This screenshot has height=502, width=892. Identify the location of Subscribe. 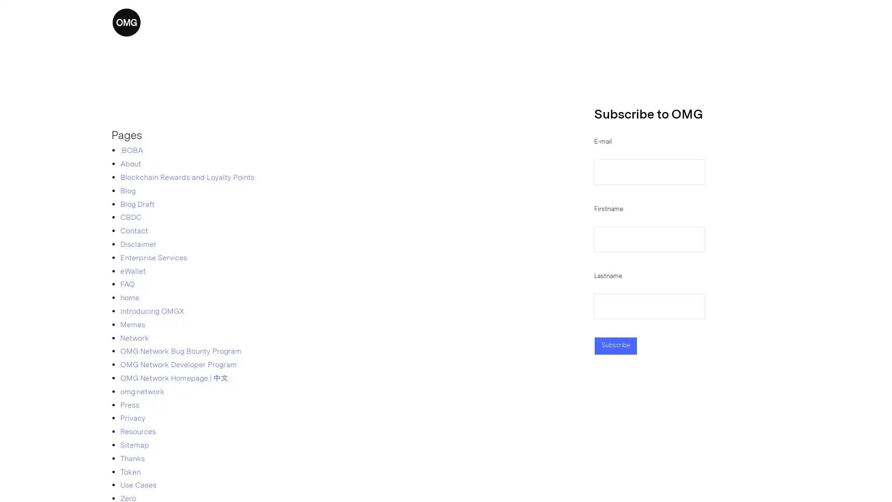
(616, 346).